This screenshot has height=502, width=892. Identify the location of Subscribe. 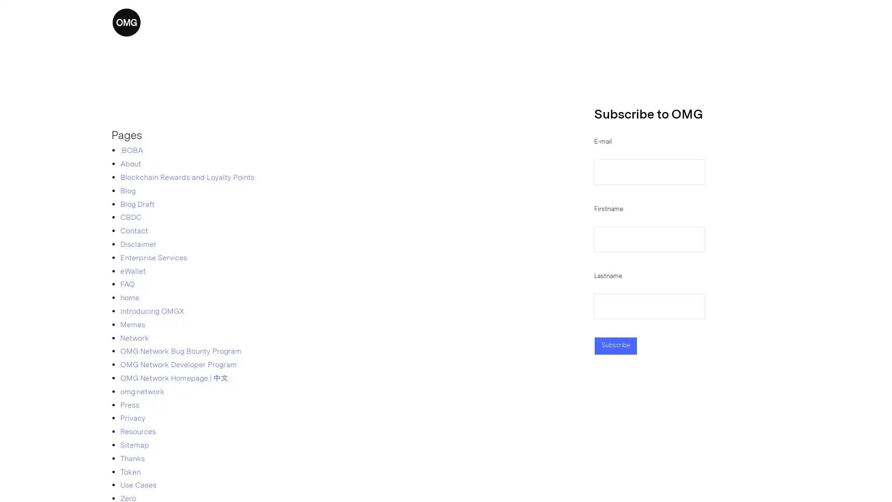
(616, 346).